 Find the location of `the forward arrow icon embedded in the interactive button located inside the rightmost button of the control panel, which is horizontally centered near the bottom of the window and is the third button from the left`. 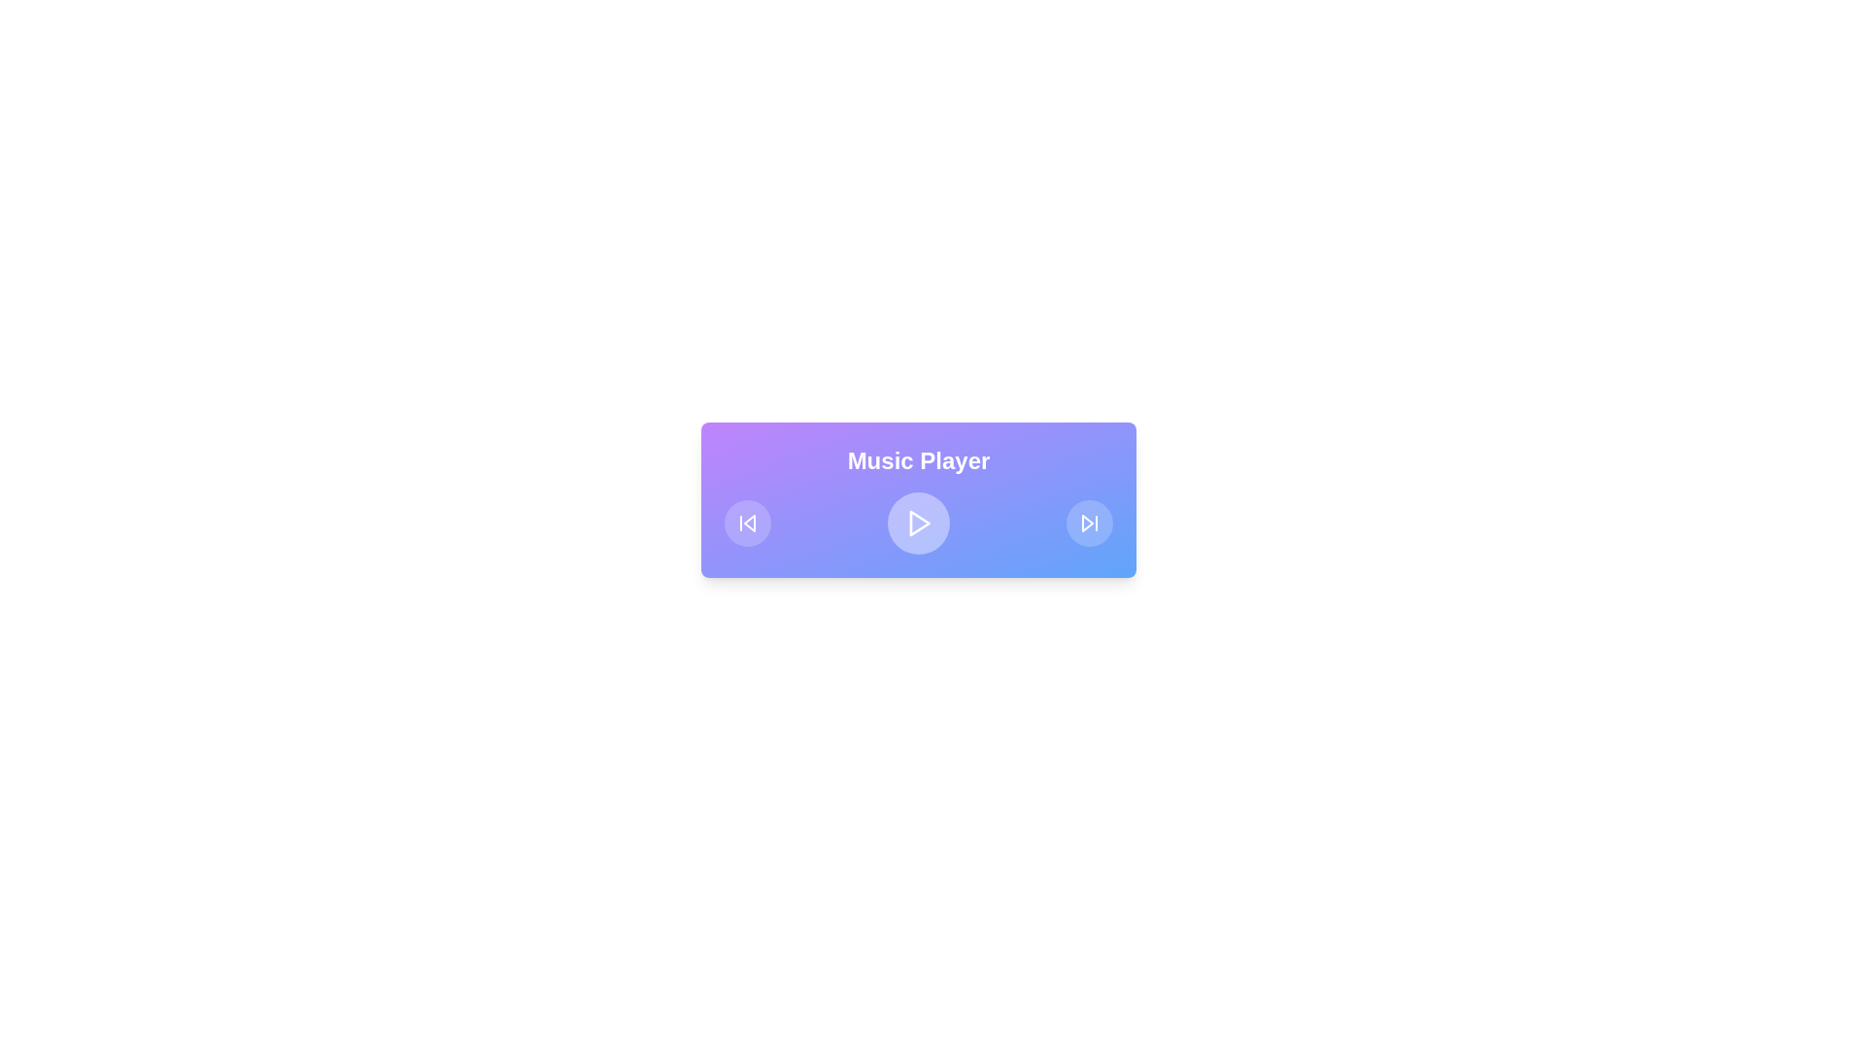

the forward arrow icon embedded in the interactive button located inside the rightmost button of the control panel, which is horizontally centered near the bottom of the window and is the third button from the left is located at coordinates (1090, 523).